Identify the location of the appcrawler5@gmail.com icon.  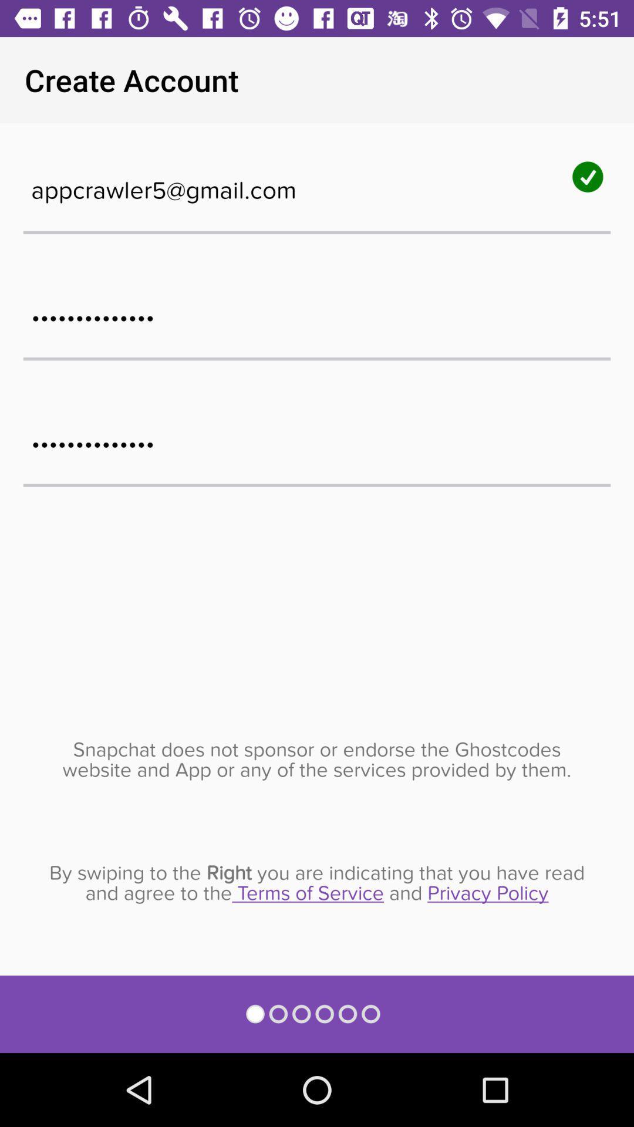
(317, 183).